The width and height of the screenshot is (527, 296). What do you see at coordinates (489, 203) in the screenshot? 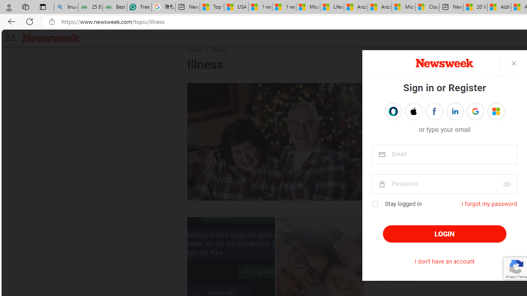
I see `'I forgot my password'` at bounding box center [489, 203].